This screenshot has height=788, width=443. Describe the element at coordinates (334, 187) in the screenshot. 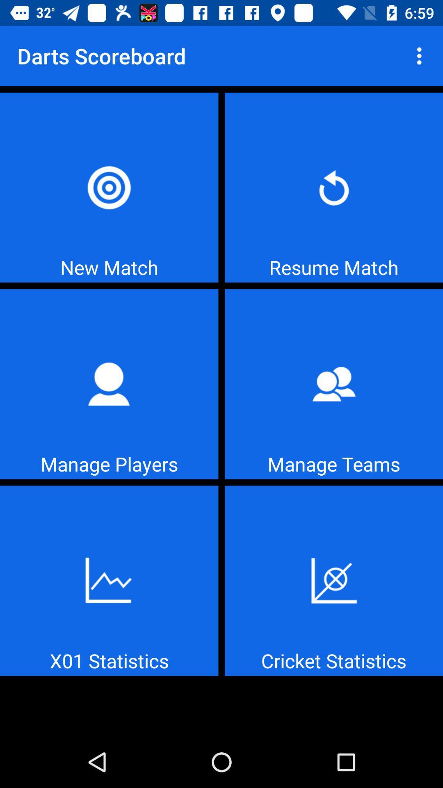

I see `back a match` at that location.